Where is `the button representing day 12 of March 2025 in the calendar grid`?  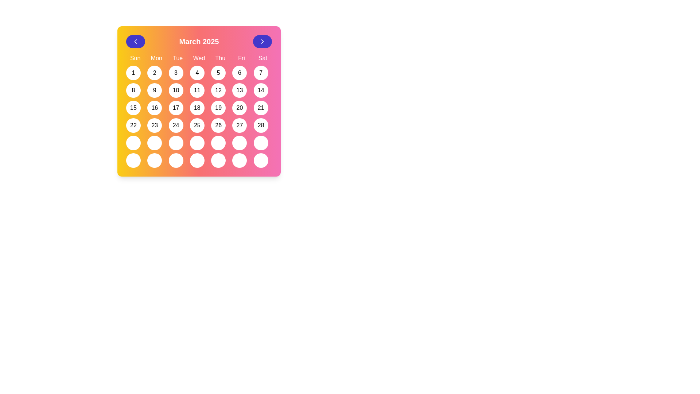 the button representing day 12 of March 2025 in the calendar grid is located at coordinates (218, 90).